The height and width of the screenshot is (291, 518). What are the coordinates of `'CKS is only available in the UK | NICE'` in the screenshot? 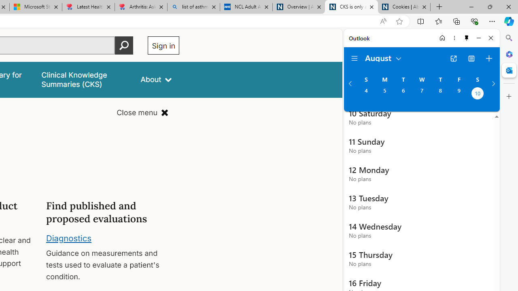 It's located at (351, 7).